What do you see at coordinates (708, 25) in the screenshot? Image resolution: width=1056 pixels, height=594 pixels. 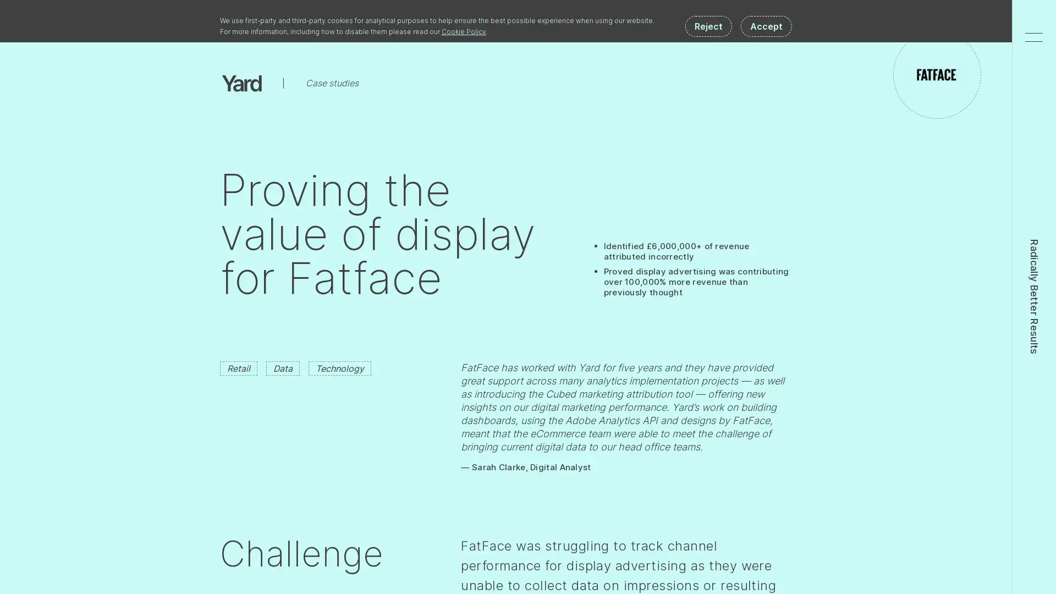 I see `Reject` at bounding box center [708, 25].